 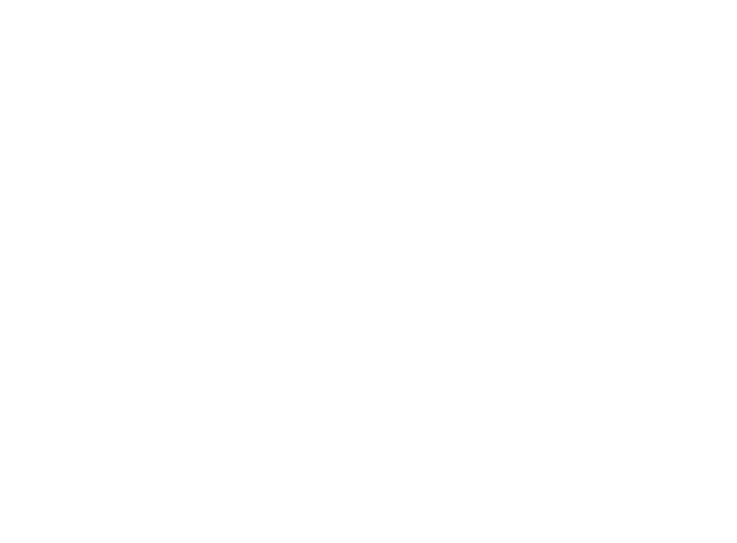 I want to click on 'Share this story', so click(x=208, y=427).